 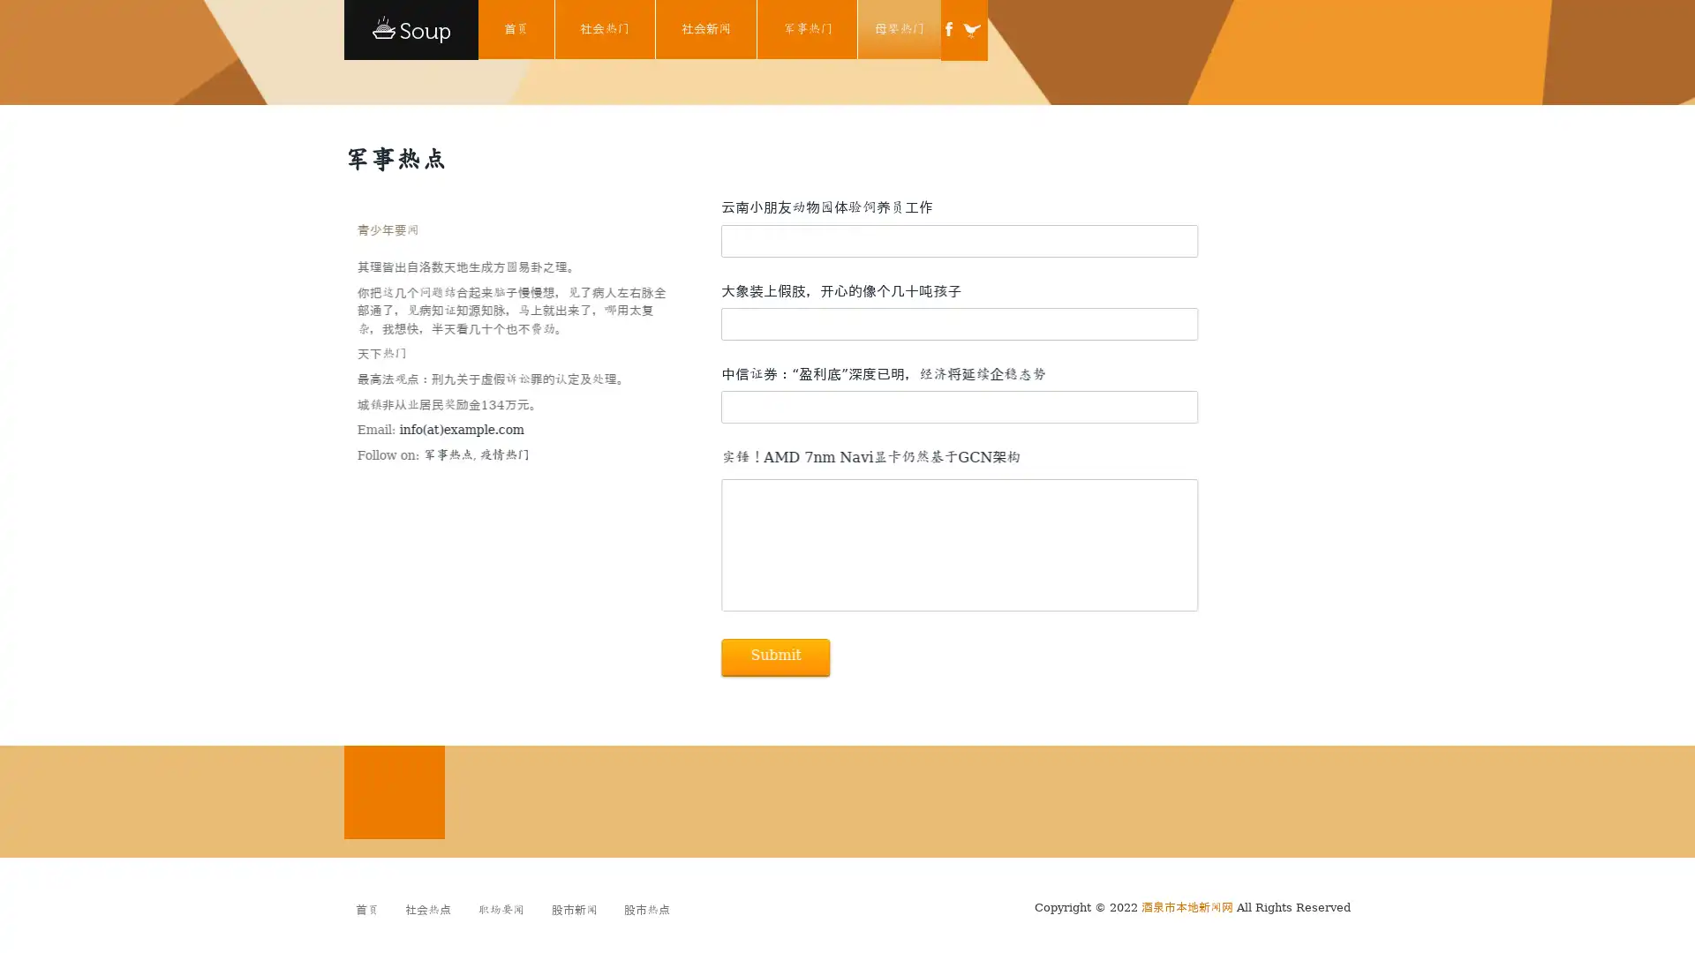 I want to click on Submit, so click(x=775, y=657).